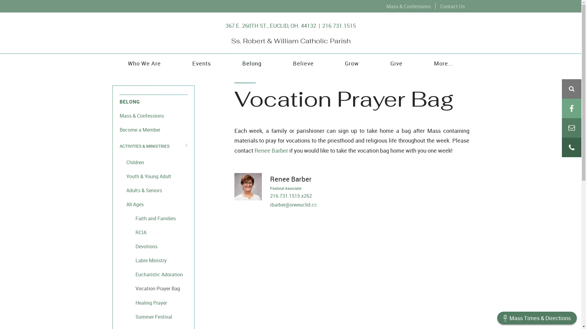  I want to click on 'Grow', so click(352, 63).